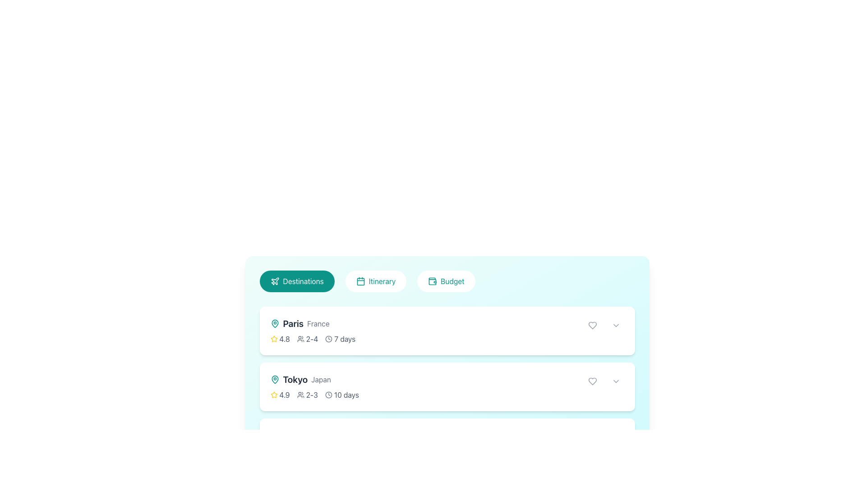 Image resolution: width=866 pixels, height=487 pixels. Describe the element at coordinates (318, 323) in the screenshot. I see `text label element displaying 'France' in a light gray font color, which is adjacent to 'Paris' in a travel destinations interface` at that location.